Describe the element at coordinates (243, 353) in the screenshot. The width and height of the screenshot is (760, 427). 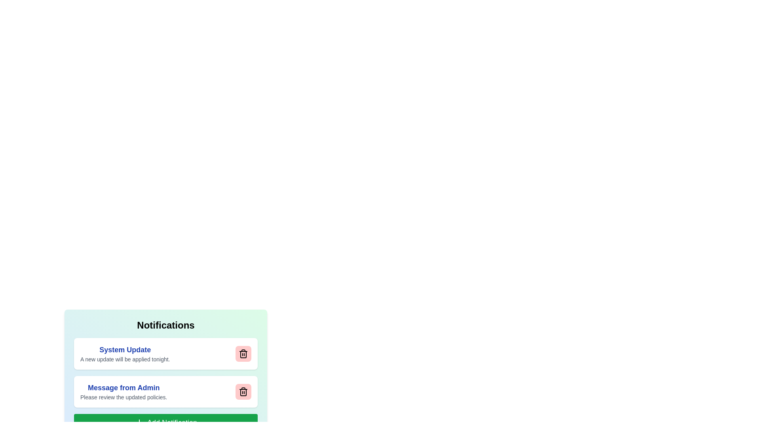
I see `delete button for the notification titled 'System Update'` at that location.